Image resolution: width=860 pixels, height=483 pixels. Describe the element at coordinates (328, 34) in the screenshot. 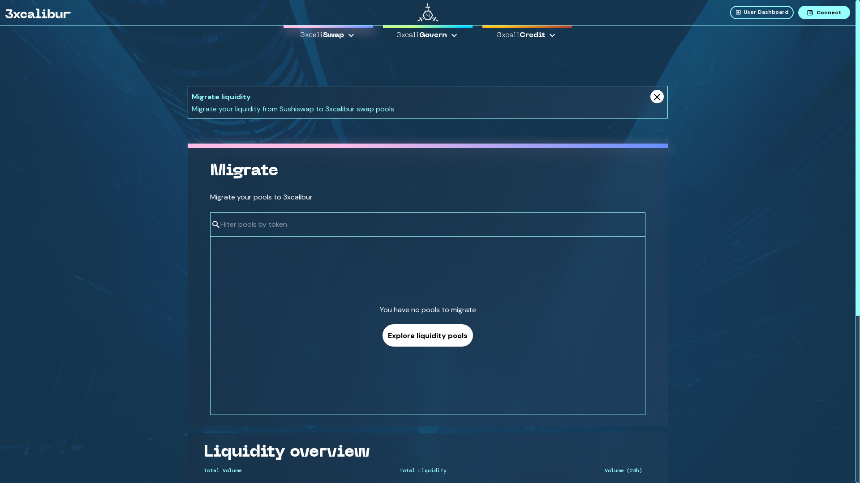

I see `'3xcaliSwap'` at that location.